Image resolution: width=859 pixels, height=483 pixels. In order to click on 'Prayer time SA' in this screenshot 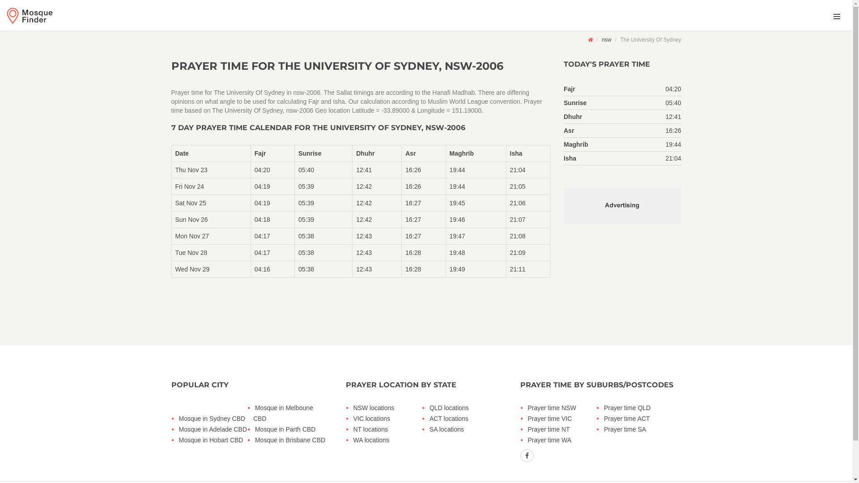, I will do `click(602, 429)`.